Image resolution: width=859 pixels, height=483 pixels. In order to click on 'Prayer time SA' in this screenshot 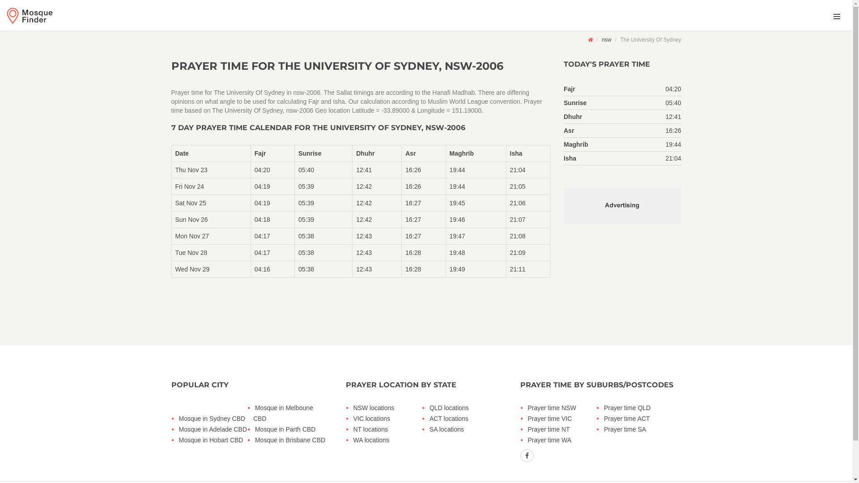, I will do `click(602, 429)`.